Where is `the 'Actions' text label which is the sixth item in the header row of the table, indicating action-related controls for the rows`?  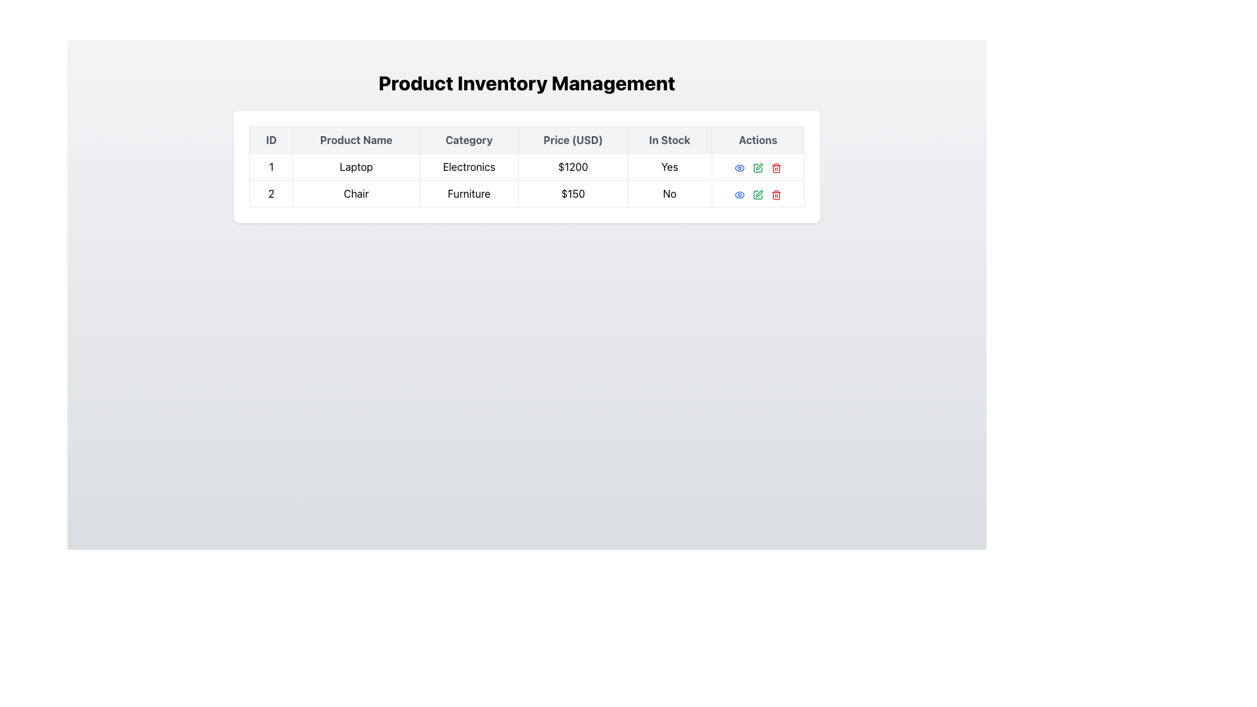
the 'Actions' text label which is the sixth item in the header row of the table, indicating action-related controls for the rows is located at coordinates (757, 139).